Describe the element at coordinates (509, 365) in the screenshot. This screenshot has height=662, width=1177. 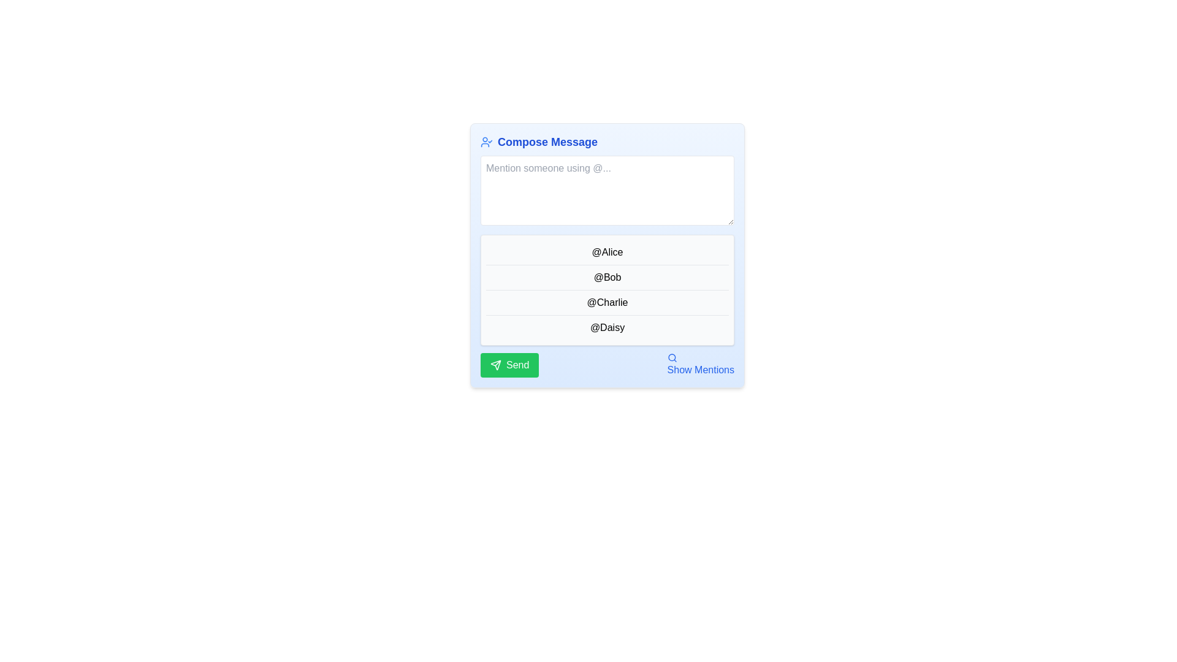
I see `the green button labeled 'Send' with a white paper plane icon` at that location.